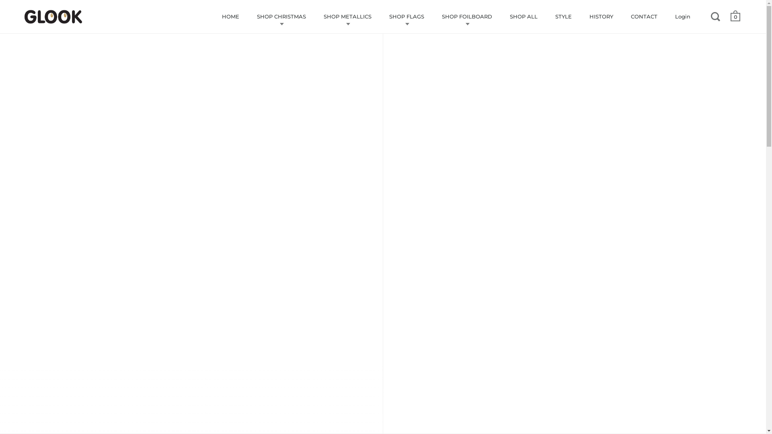 The width and height of the screenshot is (772, 434). What do you see at coordinates (467, 16) in the screenshot?
I see `'SHOP FOILBOARD'` at bounding box center [467, 16].